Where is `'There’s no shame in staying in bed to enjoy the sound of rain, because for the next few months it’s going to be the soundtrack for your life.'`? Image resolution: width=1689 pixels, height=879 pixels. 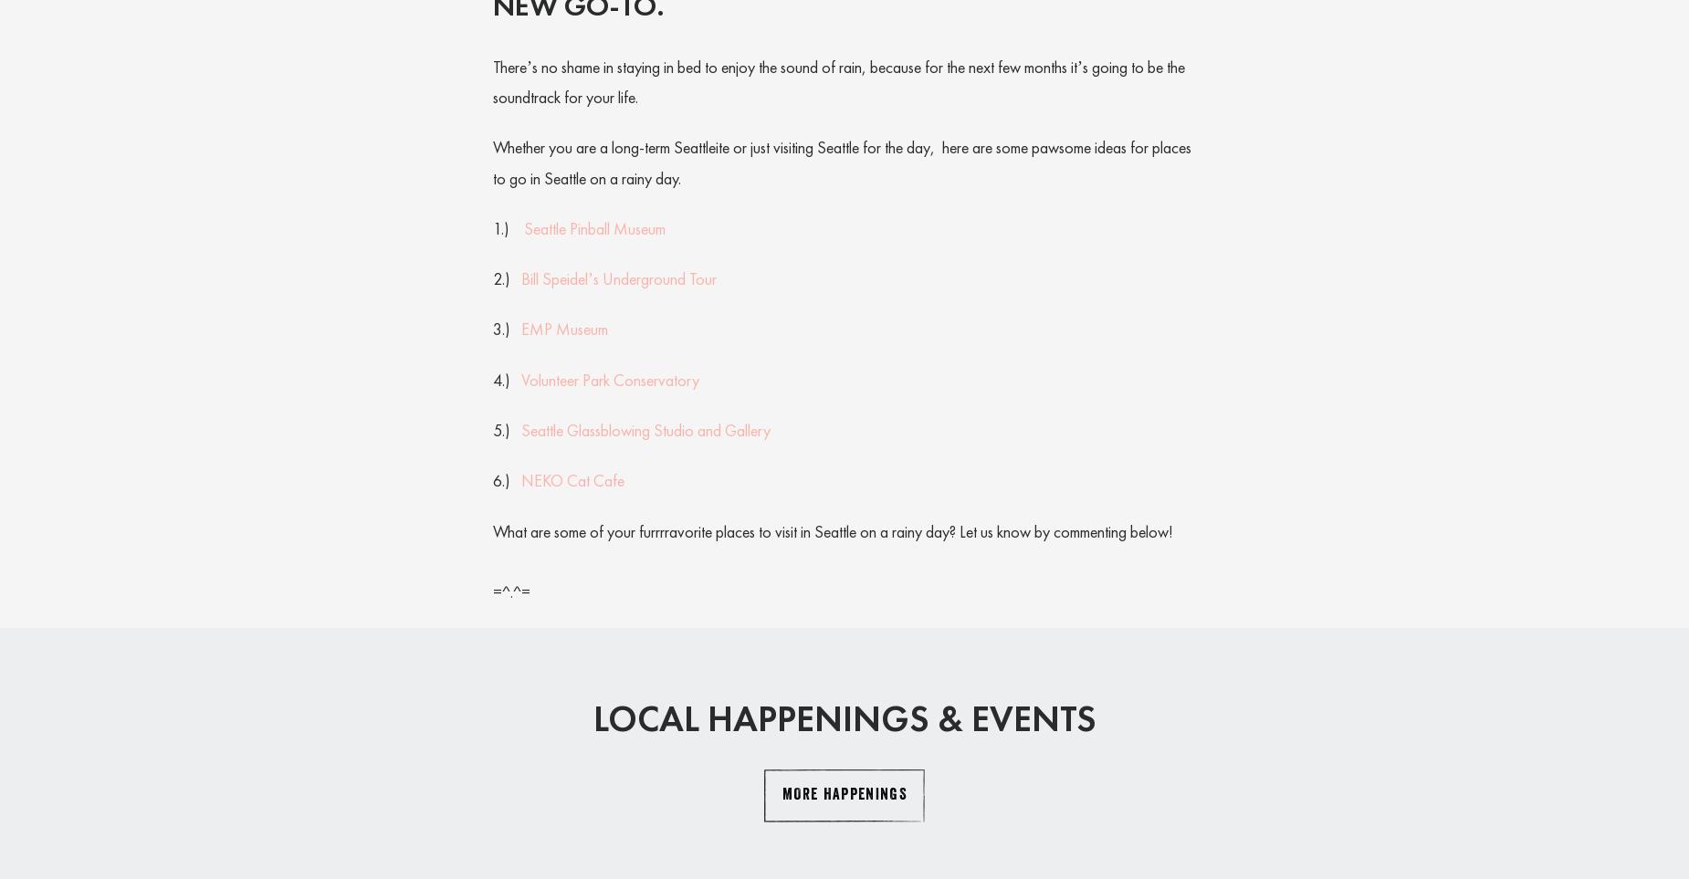
'There’s no shame in staying in bed to enjoy the sound of rain, because for the next few months it’s going to be the soundtrack for your life.' is located at coordinates (493, 79).